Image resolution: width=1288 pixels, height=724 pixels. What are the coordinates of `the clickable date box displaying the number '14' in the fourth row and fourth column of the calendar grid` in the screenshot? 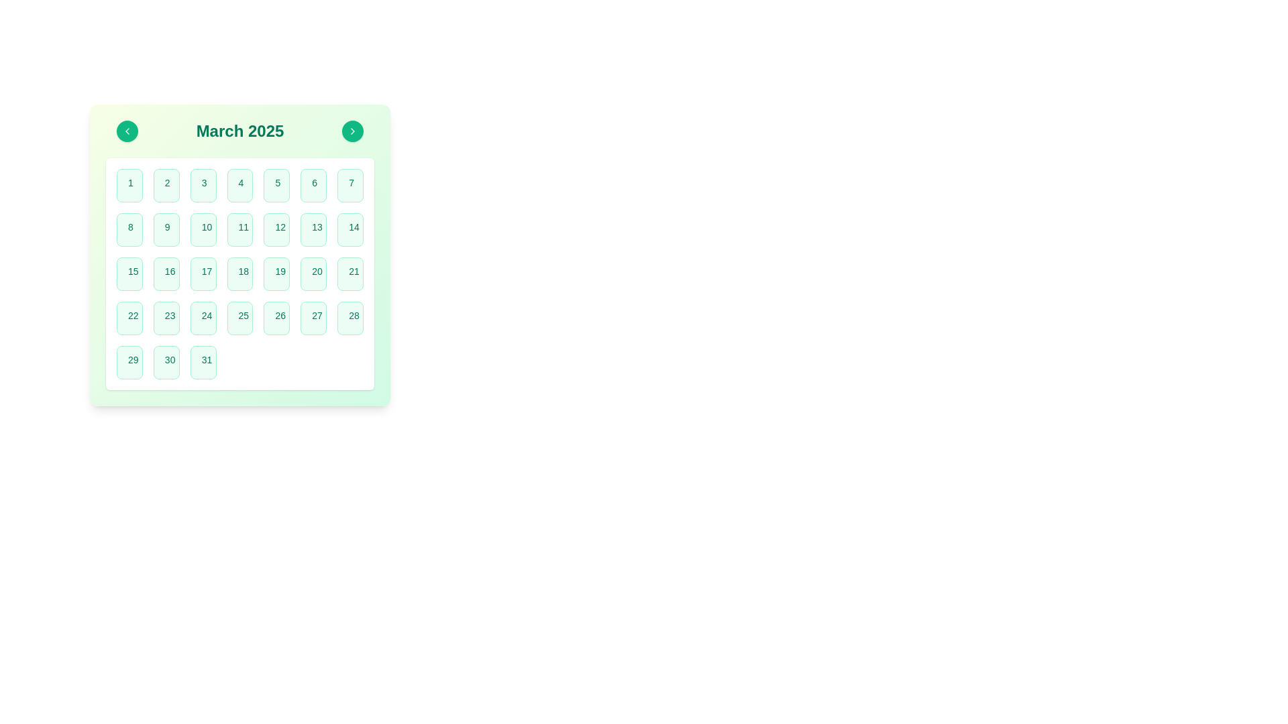 It's located at (350, 229).